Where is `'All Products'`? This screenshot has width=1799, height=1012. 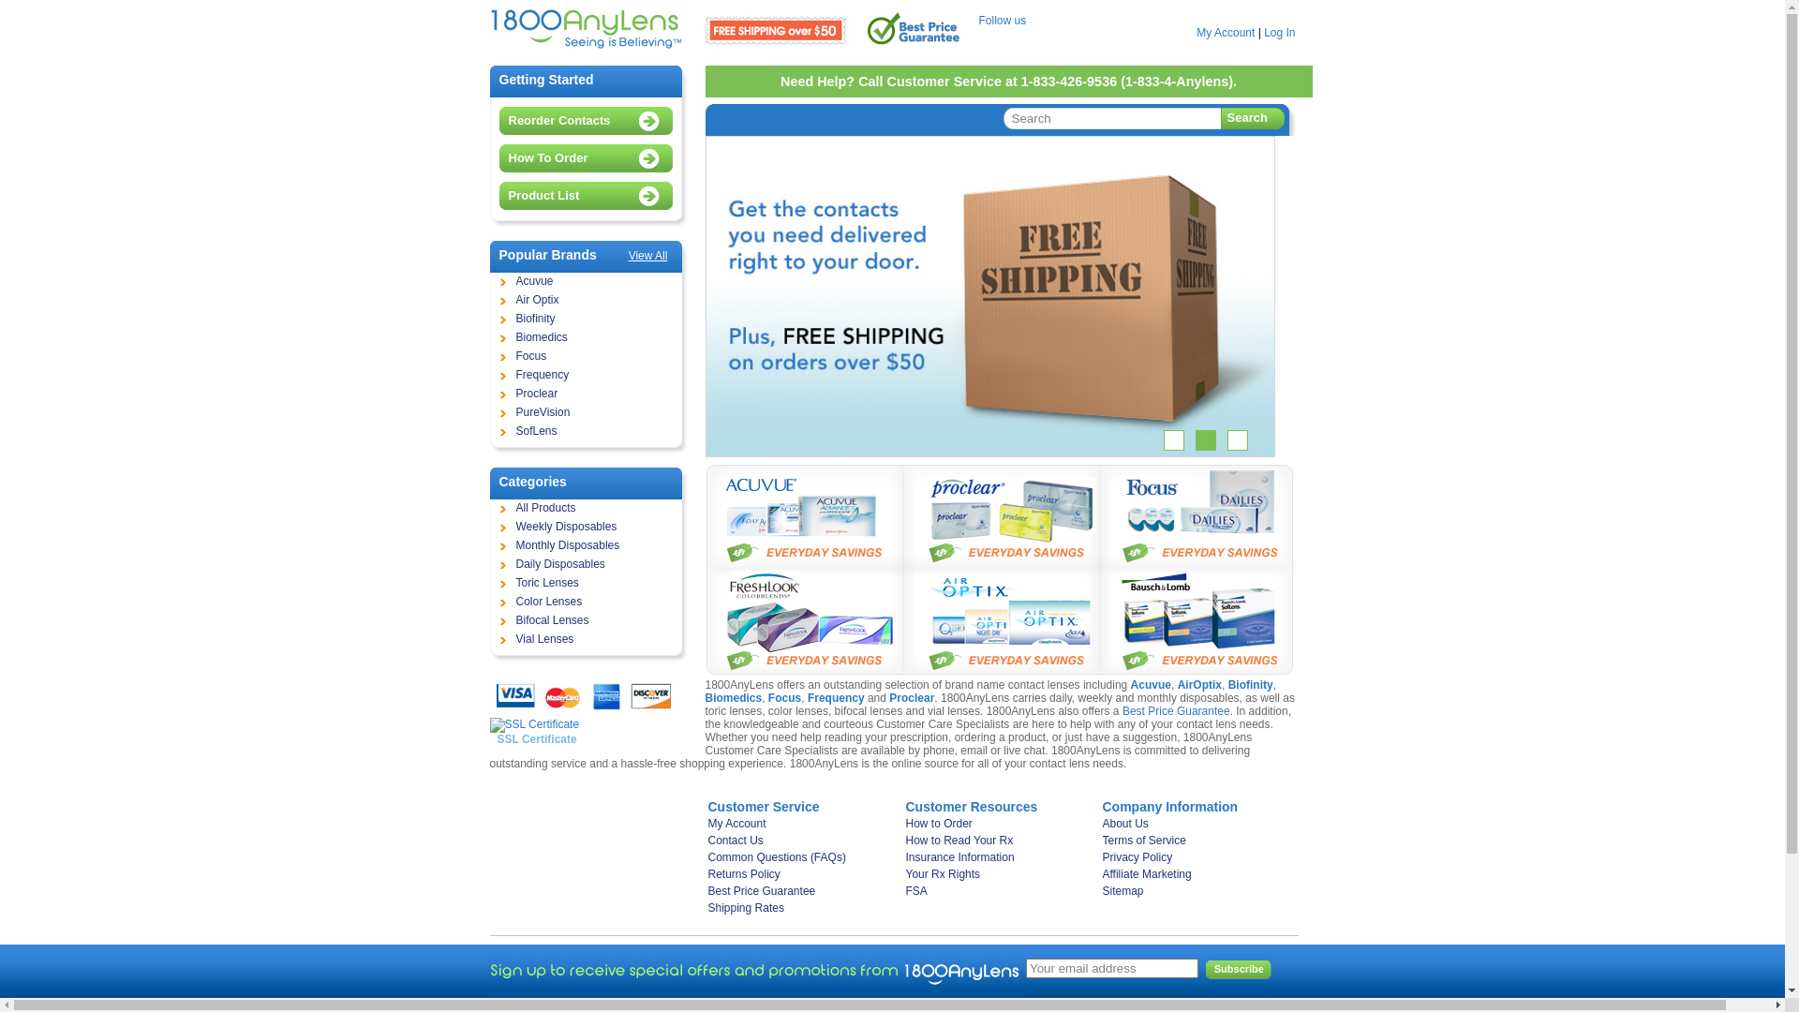 'All Products' is located at coordinates (585, 509).